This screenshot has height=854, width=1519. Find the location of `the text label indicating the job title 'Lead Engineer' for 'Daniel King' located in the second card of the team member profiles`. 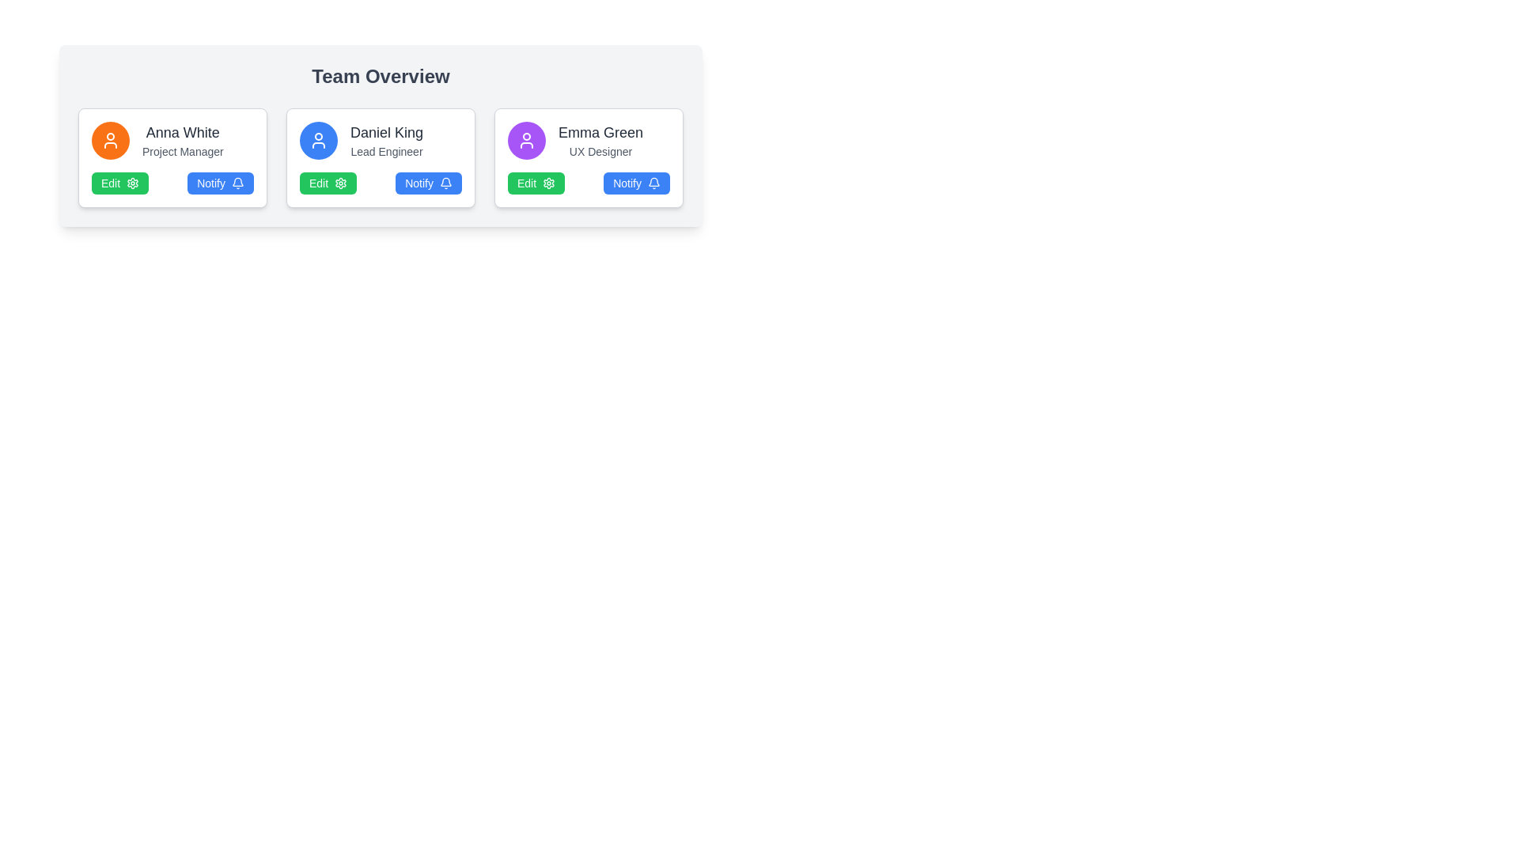

the text label indicating the job title 'Lead Engineer' for 'Daniel King' located in the second card of the team member profiles is located at coordinates (387, 152).